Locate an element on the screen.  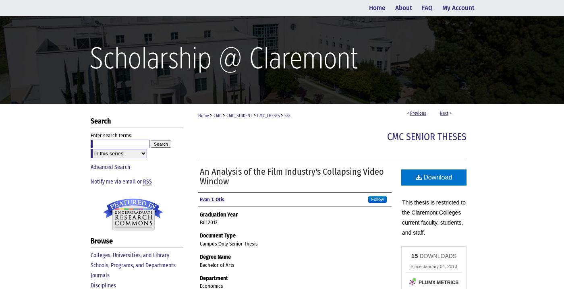
'DOWNLOADS' is located at coordinates (437, 255).